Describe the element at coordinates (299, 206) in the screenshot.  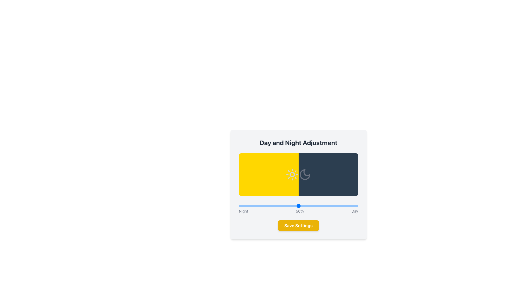
I see `the adjustment slider` at that location.